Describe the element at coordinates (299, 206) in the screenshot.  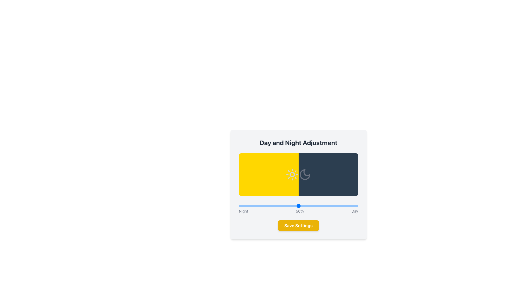
I see `the adjustment slider` at that location.